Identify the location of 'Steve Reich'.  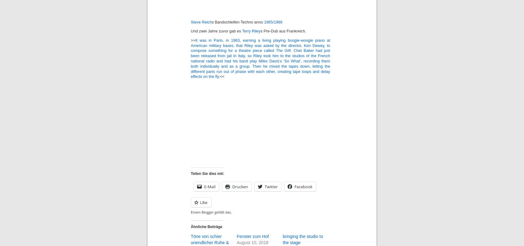
(201, 22).